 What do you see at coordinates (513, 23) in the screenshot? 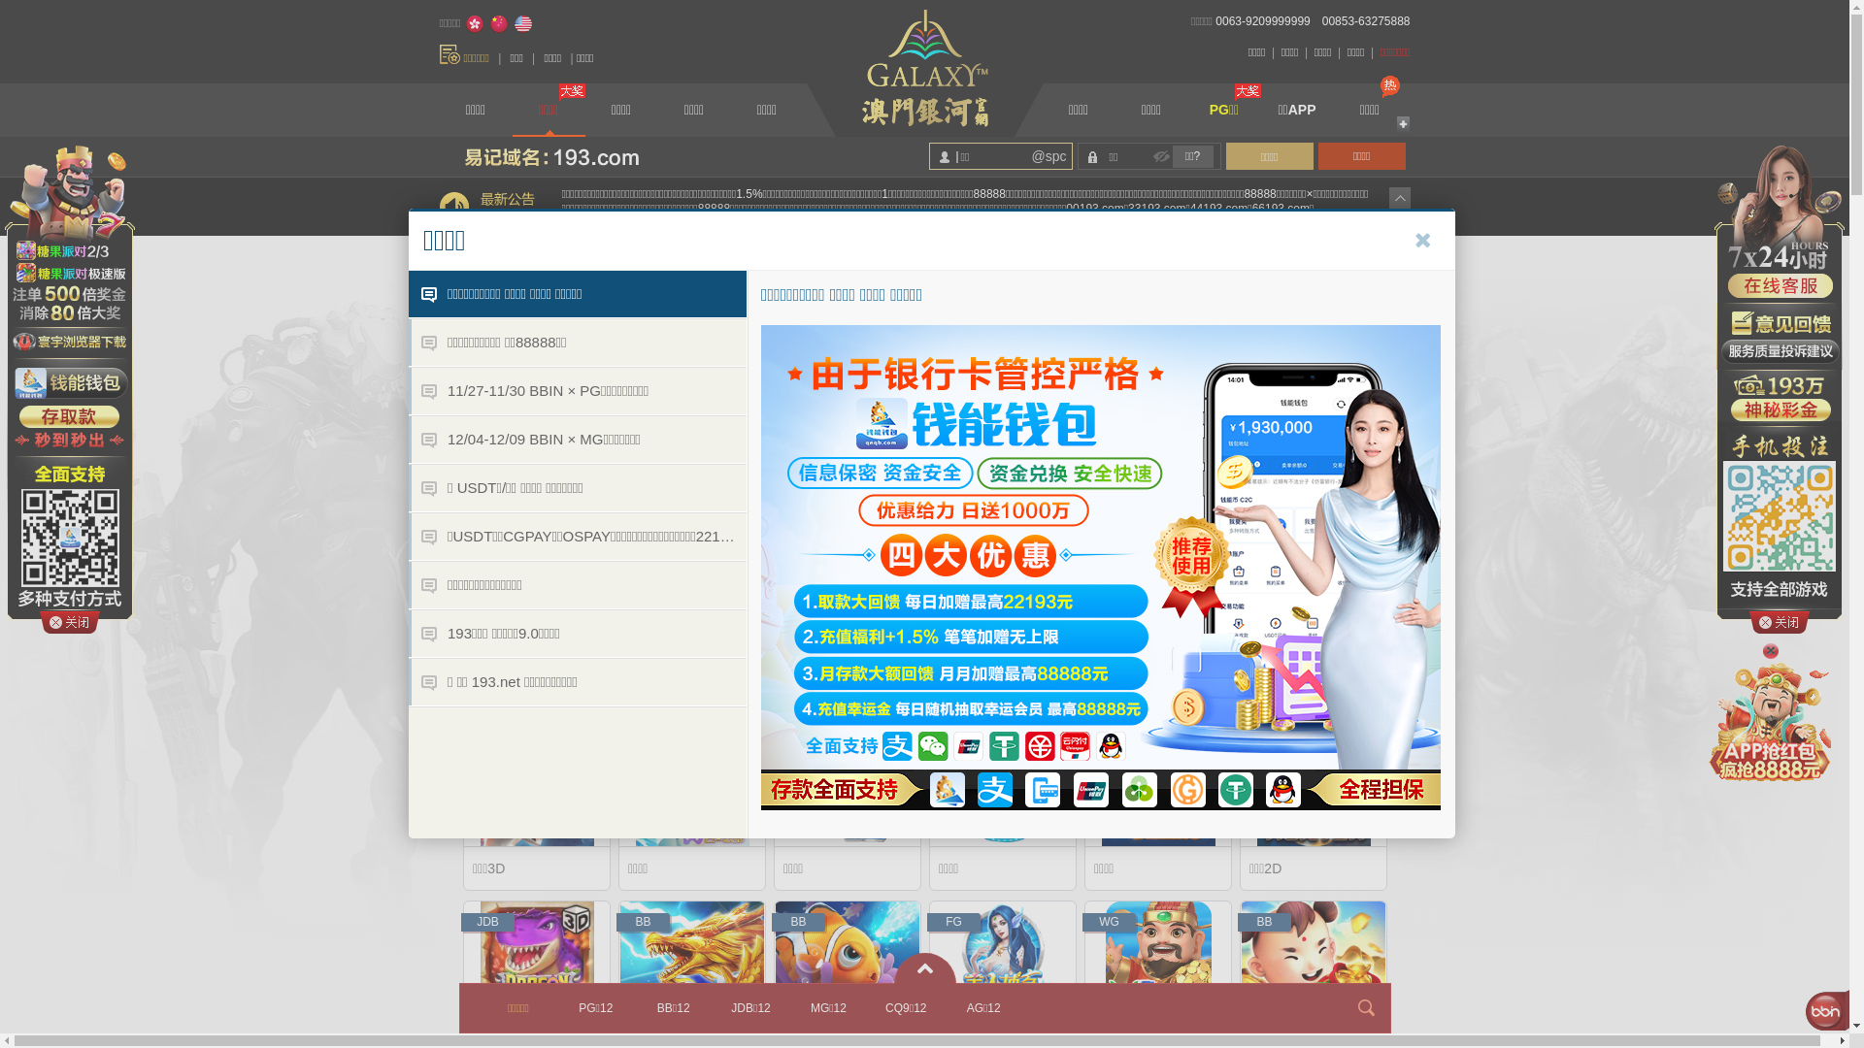
I see `'English'` at bounding box center [513, 23].